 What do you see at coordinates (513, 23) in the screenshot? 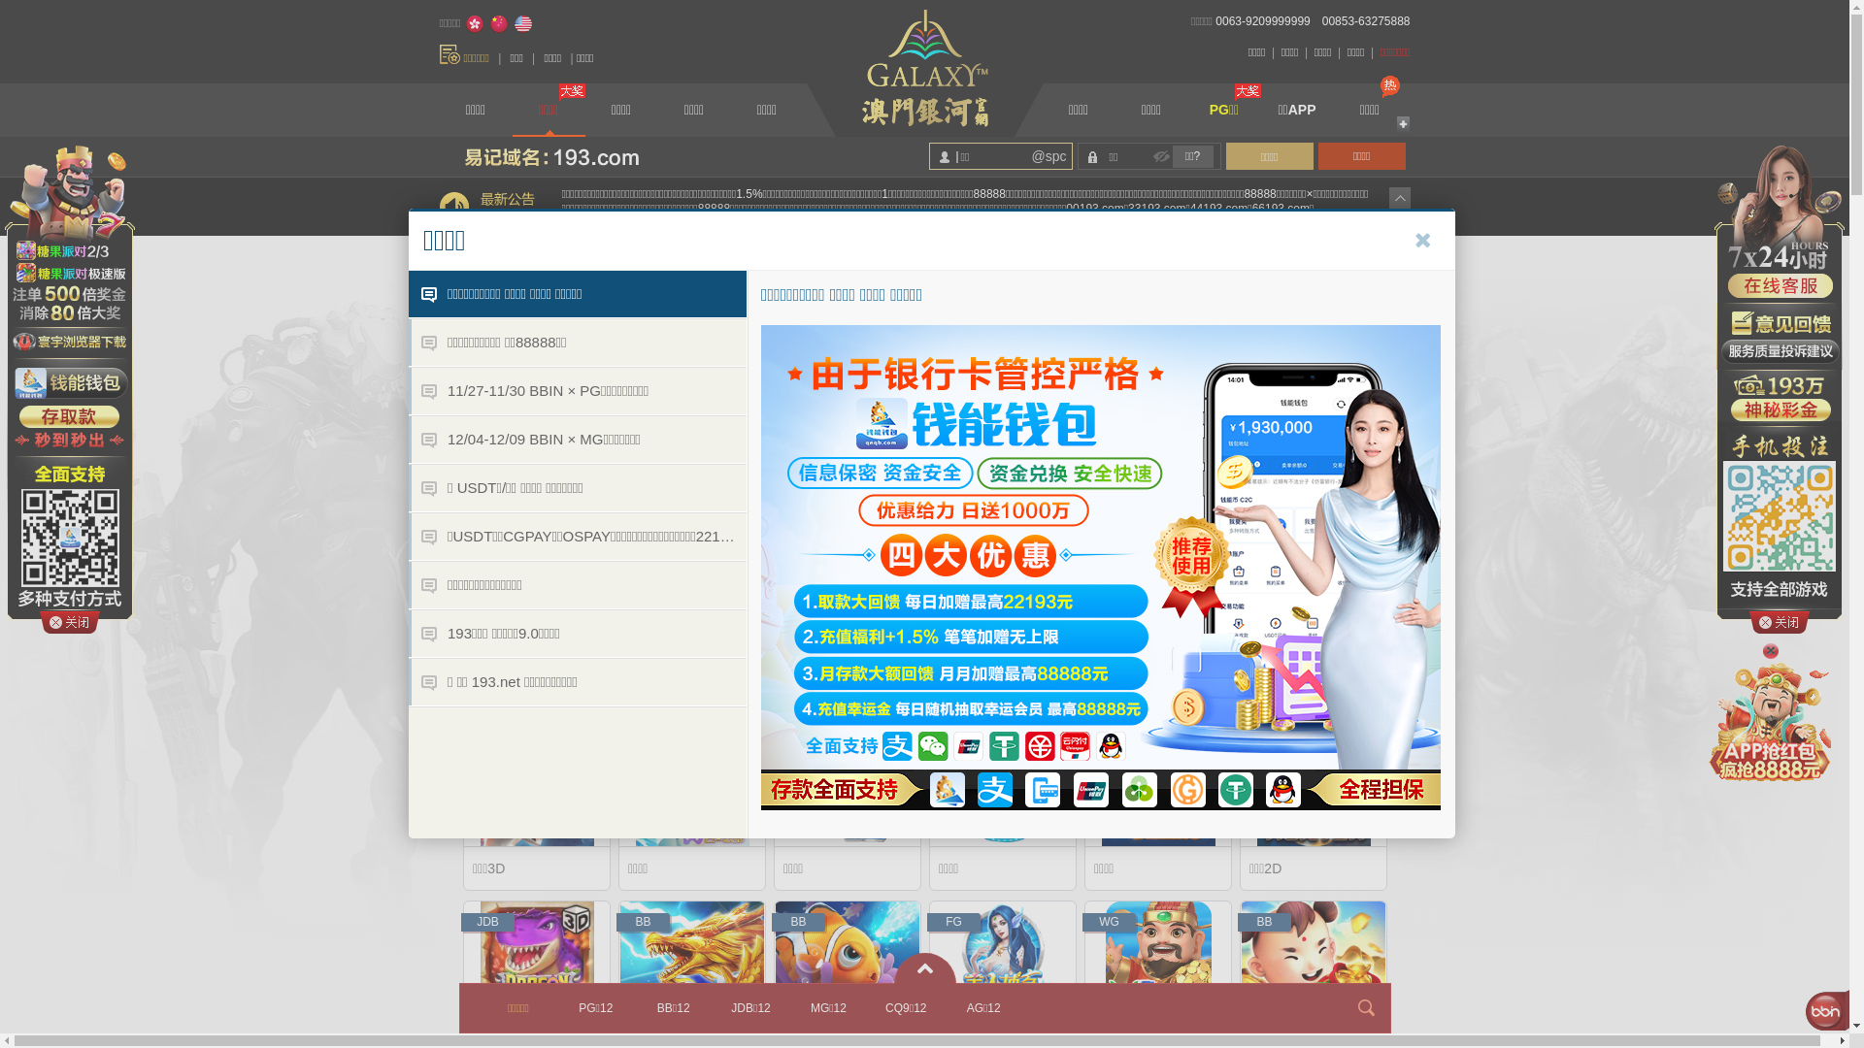
I see `'English'` at bounding box center [513, 23].